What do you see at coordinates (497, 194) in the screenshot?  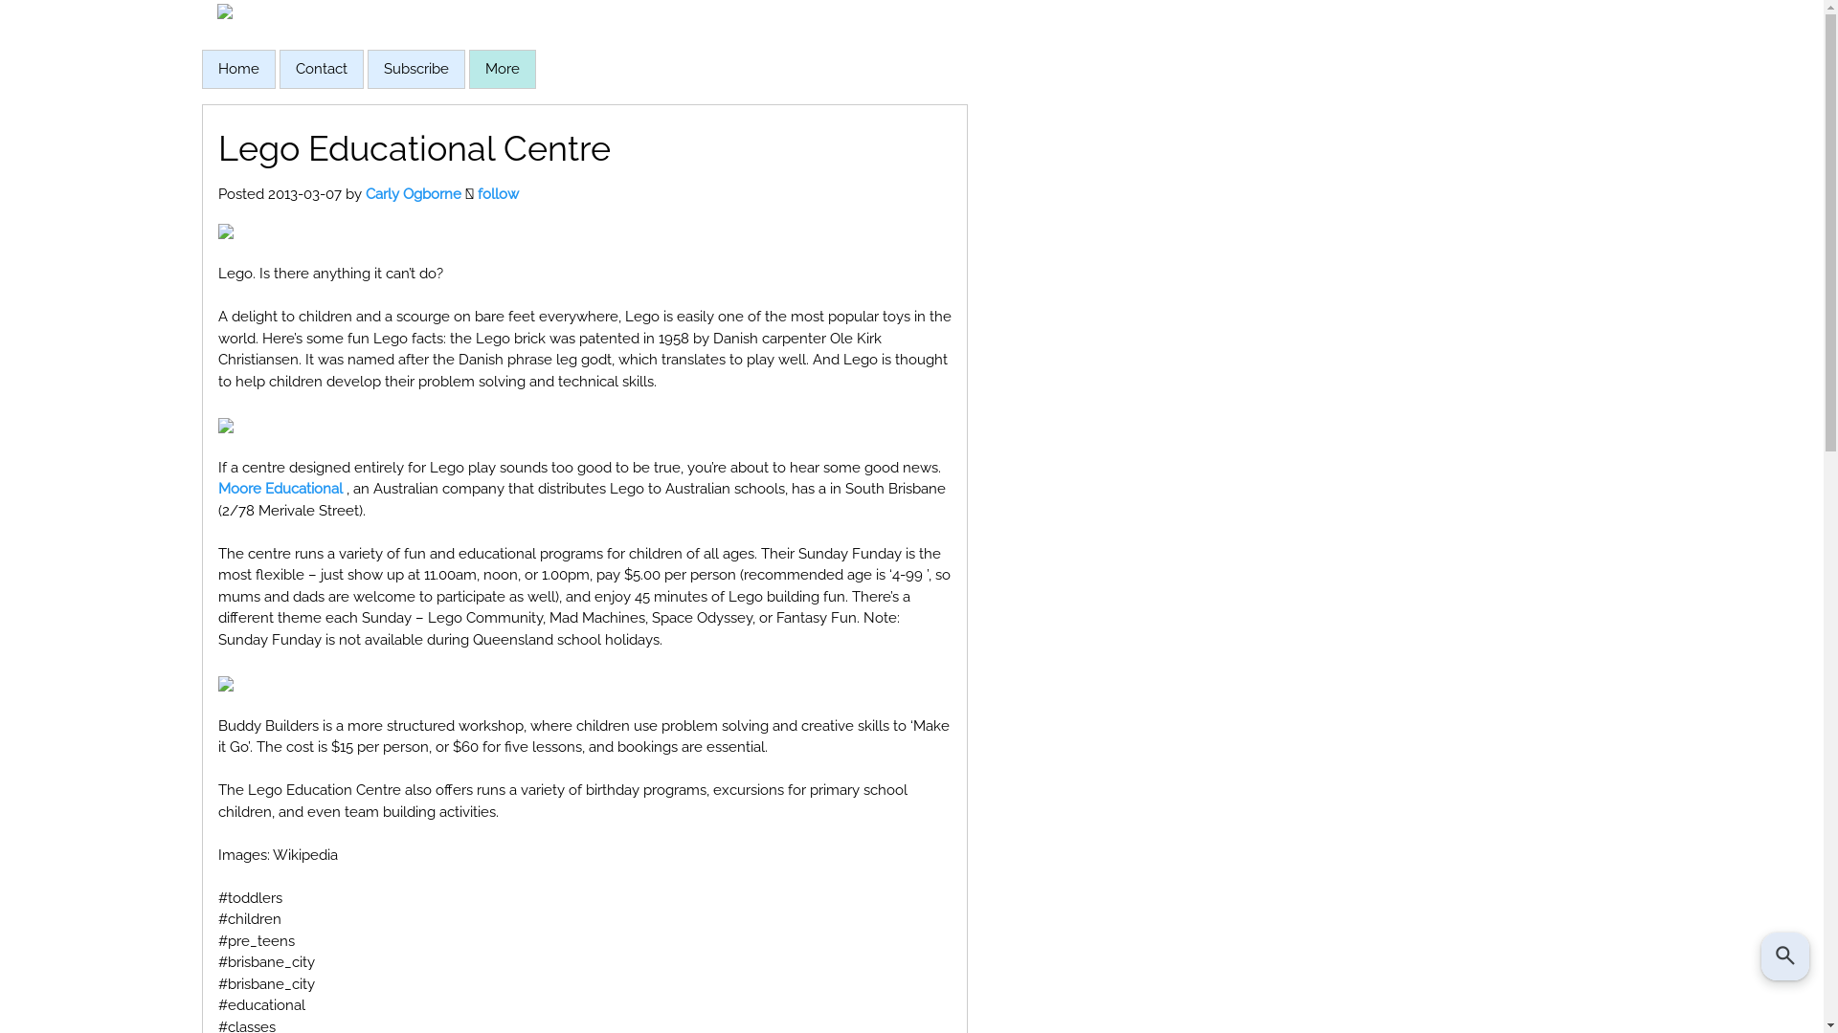 I see `'follow'` at bounding box center [497, 194].